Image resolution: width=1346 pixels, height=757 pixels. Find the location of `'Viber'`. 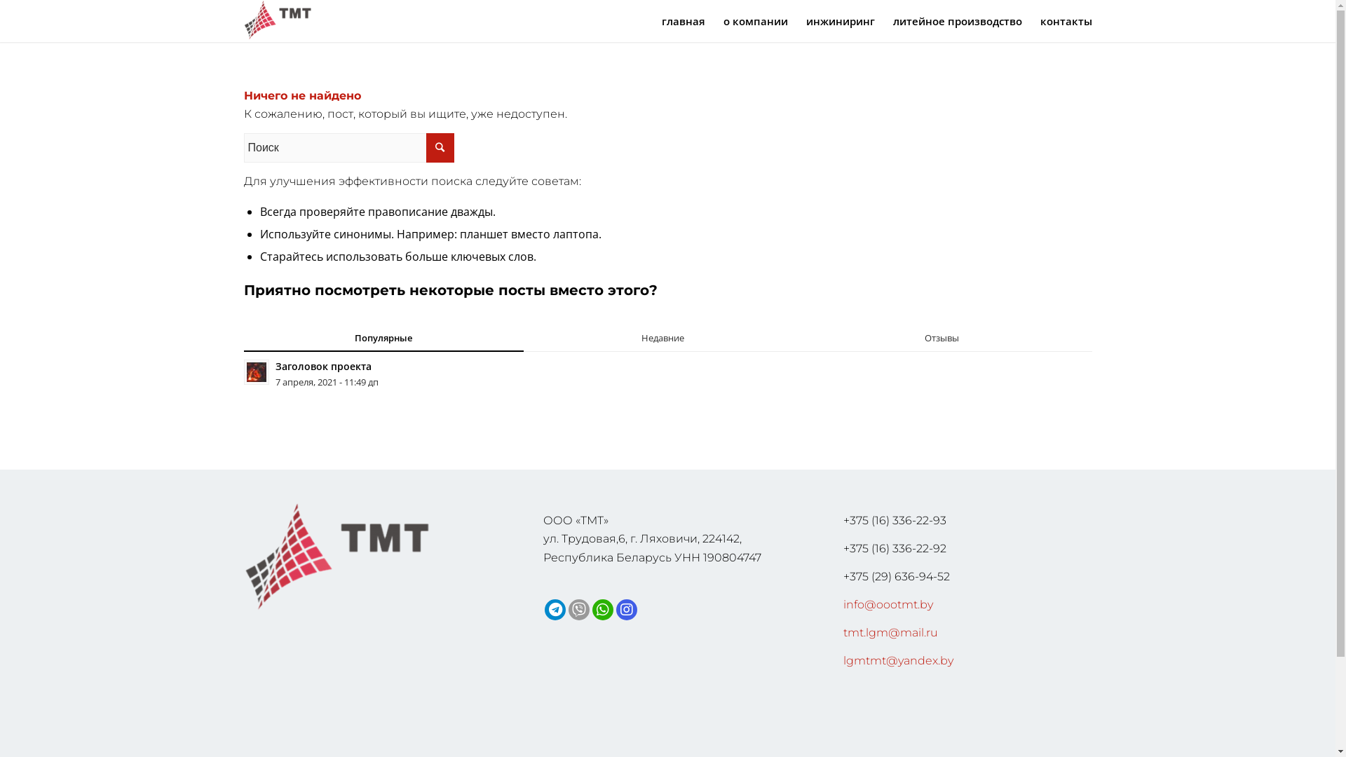

'Viber' is located at coordinates (578, 609).